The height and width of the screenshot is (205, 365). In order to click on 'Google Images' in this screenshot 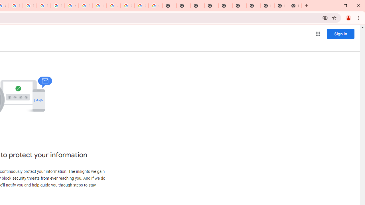, I will do `click(155, 6)`.